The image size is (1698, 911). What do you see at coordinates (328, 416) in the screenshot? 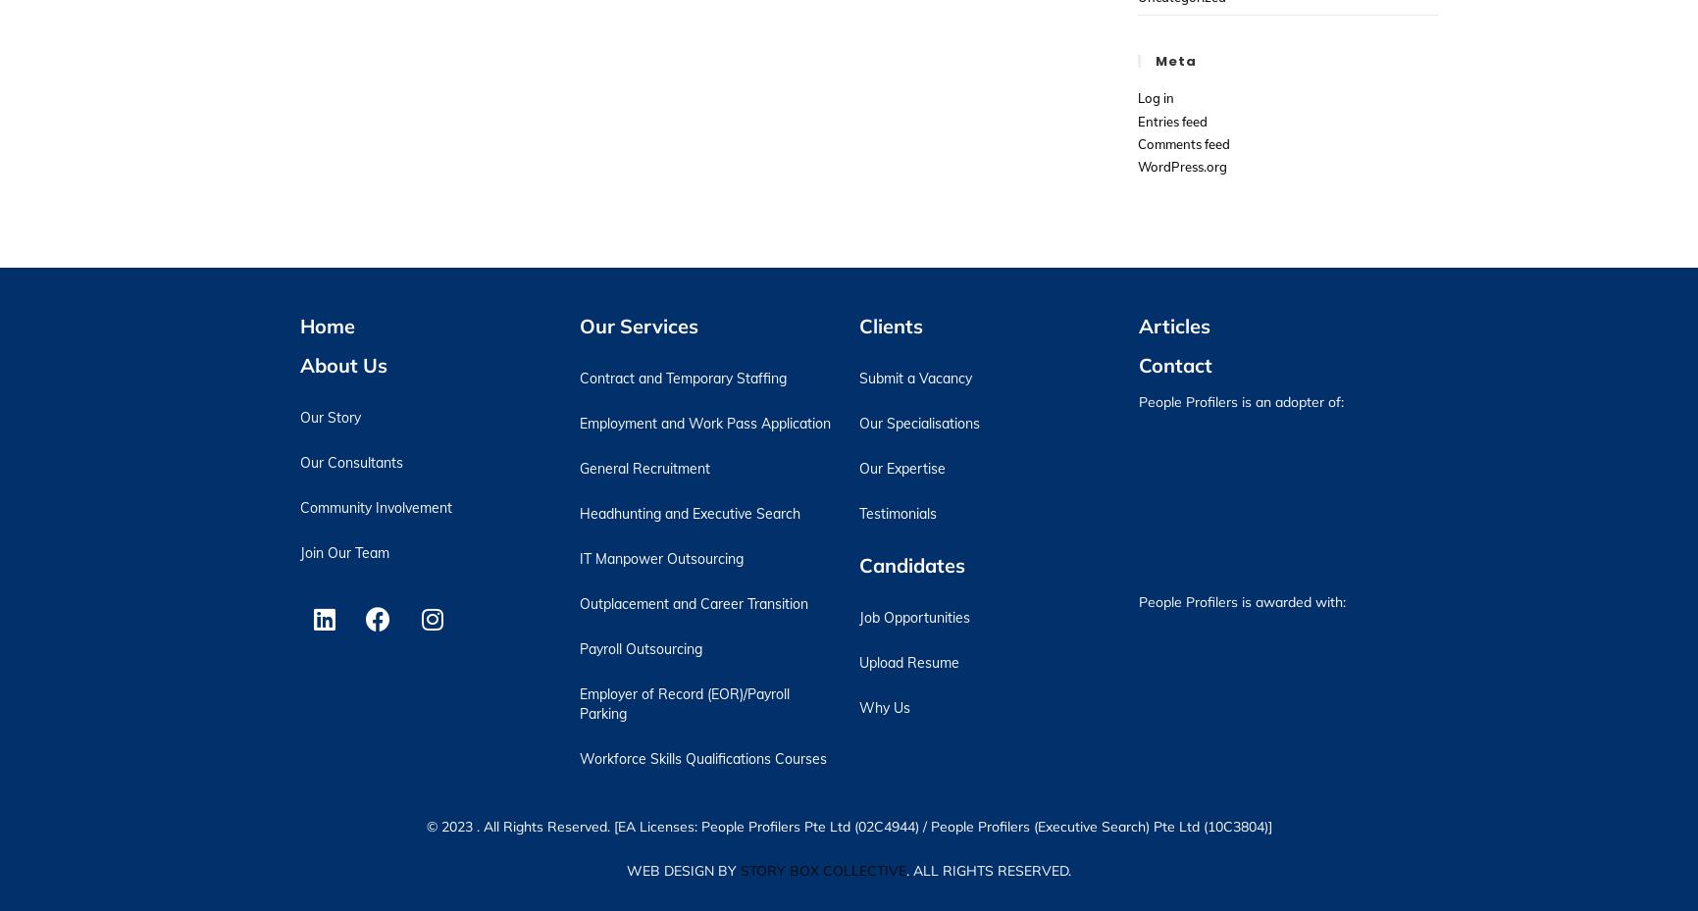
I see `'Our Story'` at bounding box center [328, 416].